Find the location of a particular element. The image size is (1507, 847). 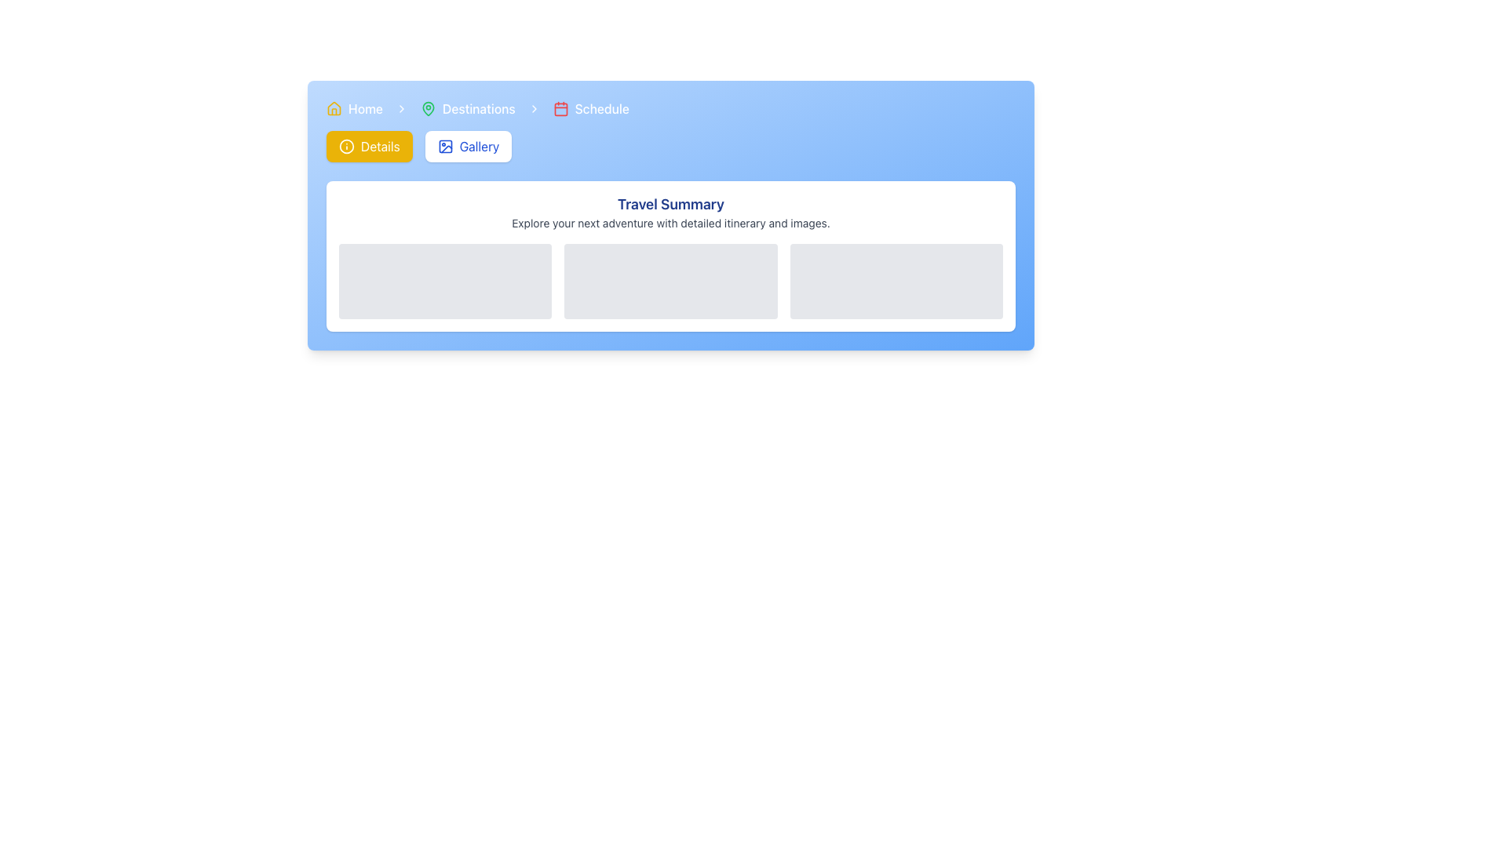

the third placeholder element in the 'Travel Summary' section, which is a non-interactive visual component is located at coordinates (896, 280).